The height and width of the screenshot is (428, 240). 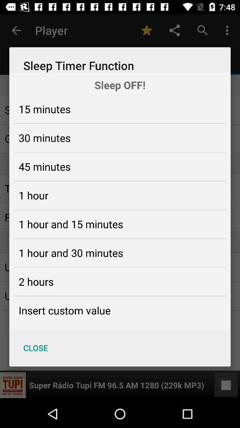 What do you see at coordinates (36, 281) in the screenshot?
I see `item below 1 hour and item` at bounding box center [36, 281].